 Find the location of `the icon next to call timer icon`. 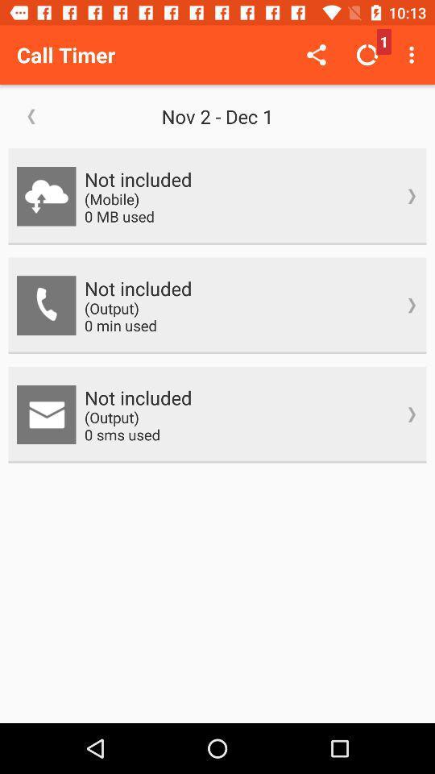

the icon next to call timer icon is located at coordinates (317, 55).